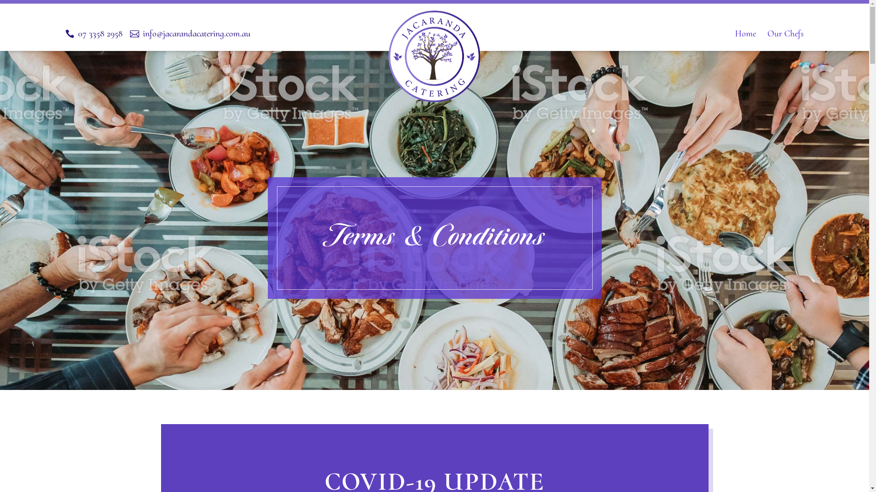 The width and height of the screenshot is (876, 492). I want to click on '07 3358 2958', so click(94, 33).